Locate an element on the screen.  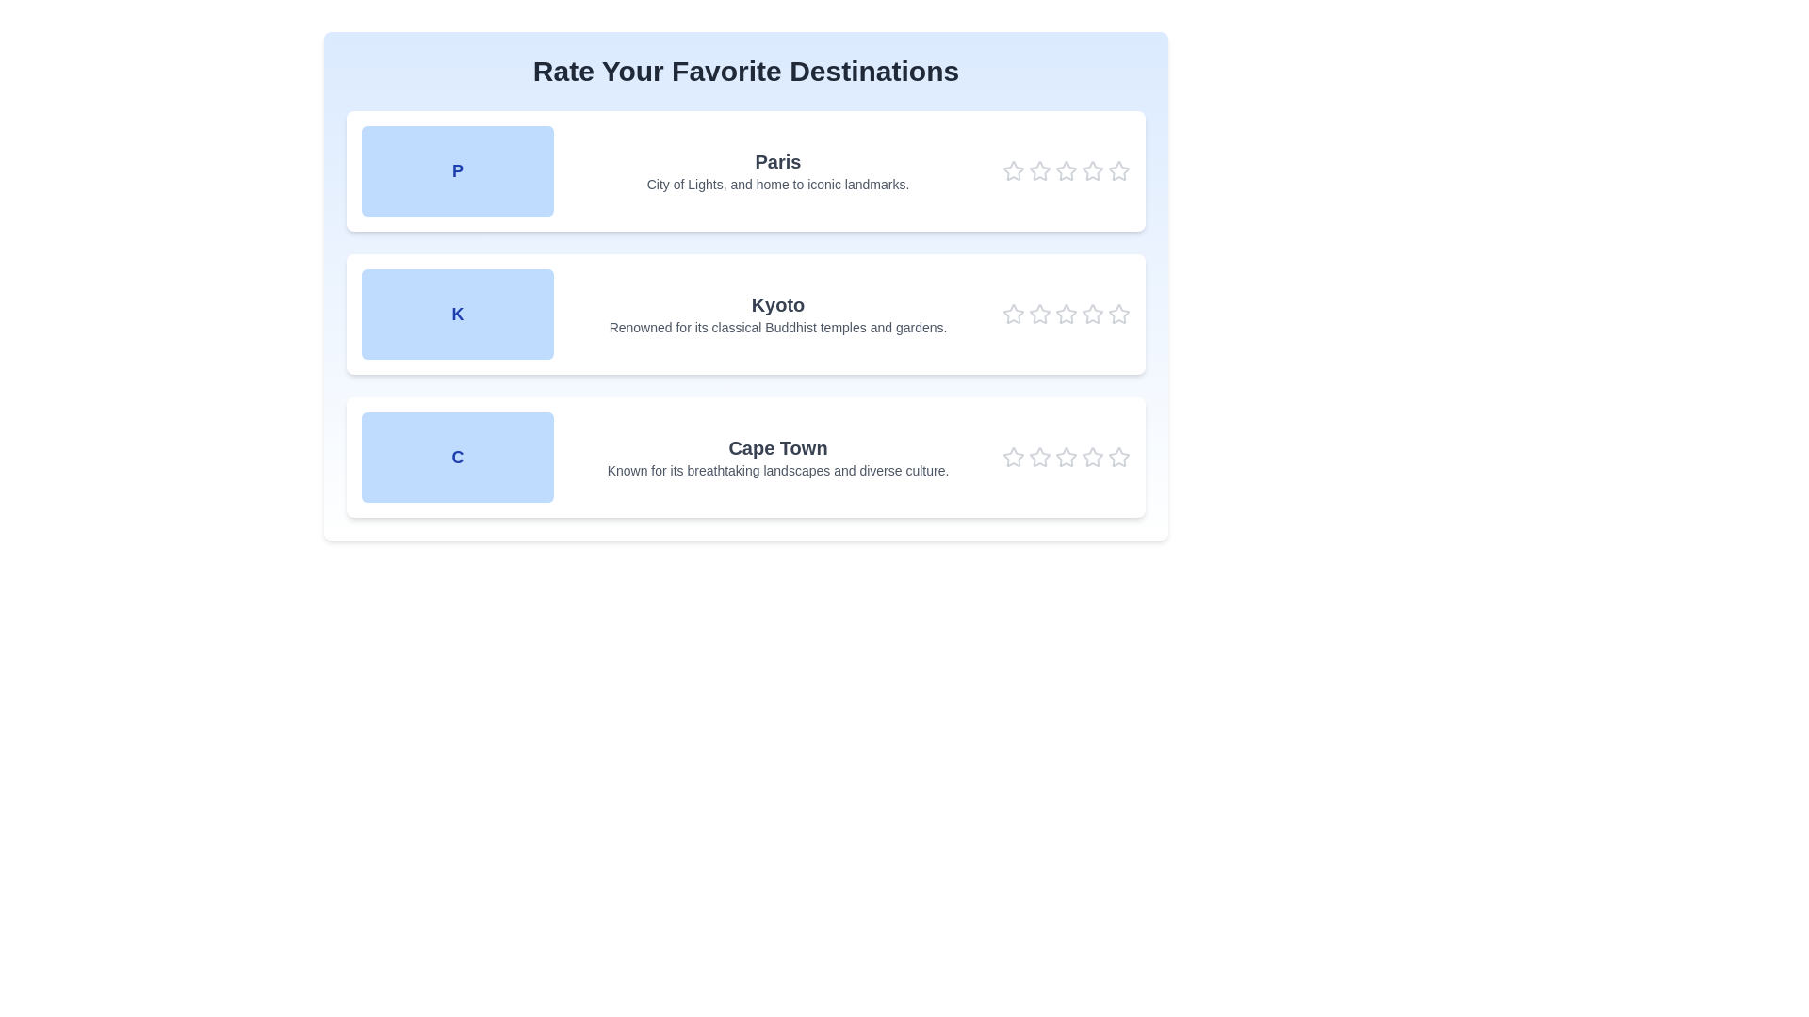
the star-shaped icon located on the right side of the 'Cape Town' row in the rating bar to receive visual feedback is located at coordinates (1067, 457).